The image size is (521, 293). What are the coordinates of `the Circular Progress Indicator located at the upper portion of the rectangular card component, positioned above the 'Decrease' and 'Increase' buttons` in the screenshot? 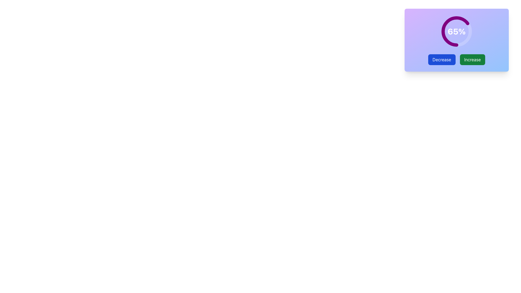 It's located at (456, 31).